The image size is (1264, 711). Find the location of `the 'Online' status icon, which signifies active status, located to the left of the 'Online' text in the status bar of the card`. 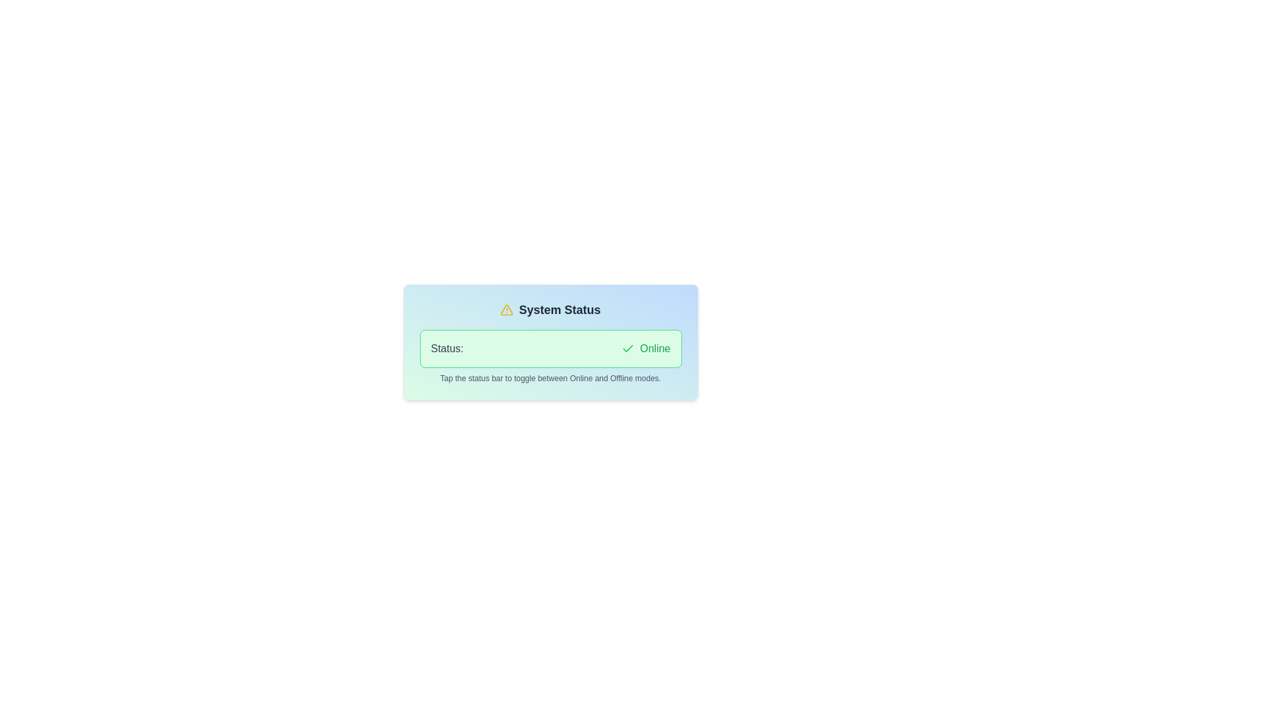

the 'Online' status icon, which signifies active status, located to the left of the 'Online' text in the status bar of the card is located at coordinates (627, 348).